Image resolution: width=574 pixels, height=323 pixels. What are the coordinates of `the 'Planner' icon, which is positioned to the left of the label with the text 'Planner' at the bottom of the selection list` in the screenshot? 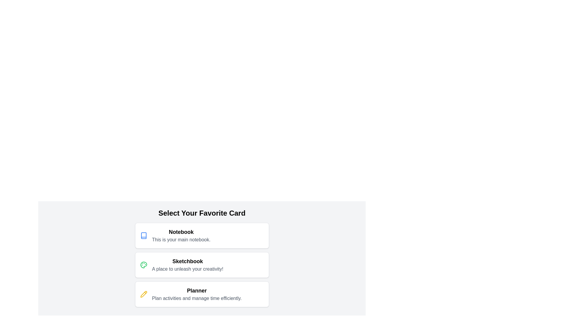 It's located at (143, 294).